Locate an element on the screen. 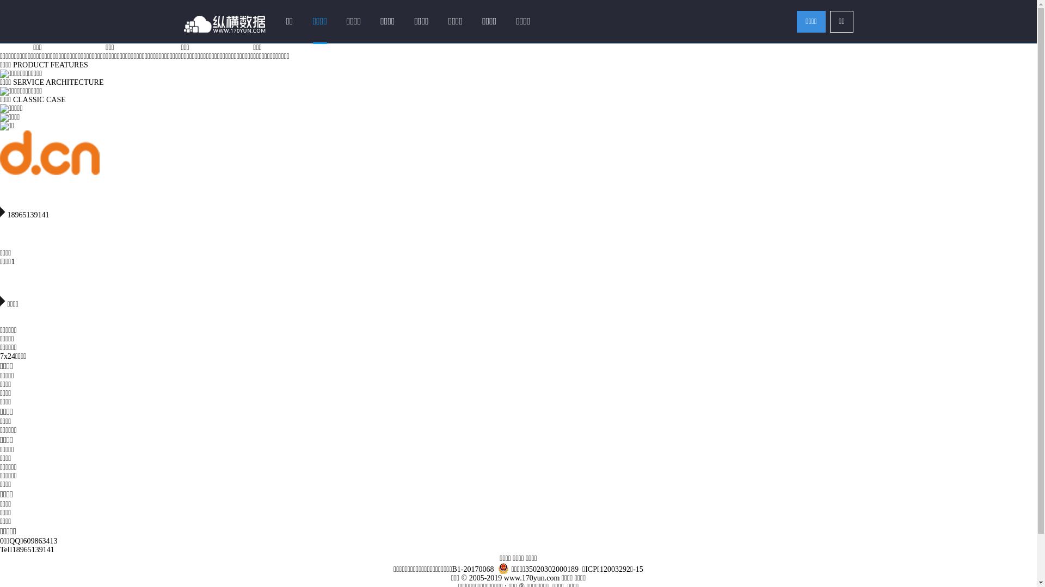 Image resolution: width=1045 pixels, height=587 pixels. '18965139141' is located at coordinates (13, 549).